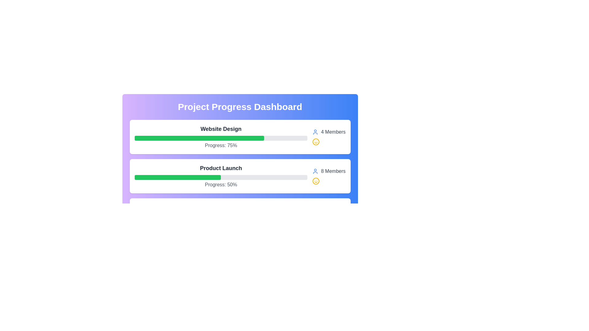 The height and width of the screenshot is (331, 589). What do you see at coordinates (221, 177) in the screenshot?
I see `the second progress bar representing the 'Product Launch' task, located below the text 'Product Launch' and above 'Progress: 50%'` at bounding box center [221, 177].